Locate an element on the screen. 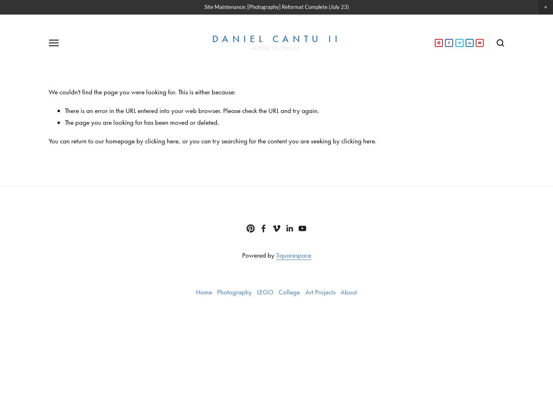 This screenshot has height=405, width=553. 'Art Projects' is located at coordinates (320, 291).